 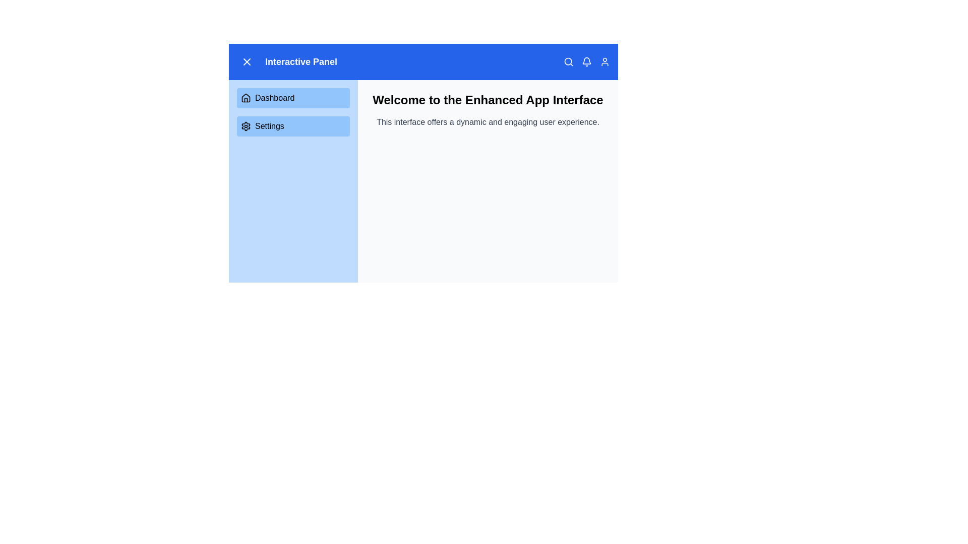 What do you see at coordinates (286, 62) in the screenshot?
I see `the static label reading 'Interactive Panel' which is styled in white against a blue background, located in the top-left section of the header bar next to a close icon` at bounding box center [286, 62].